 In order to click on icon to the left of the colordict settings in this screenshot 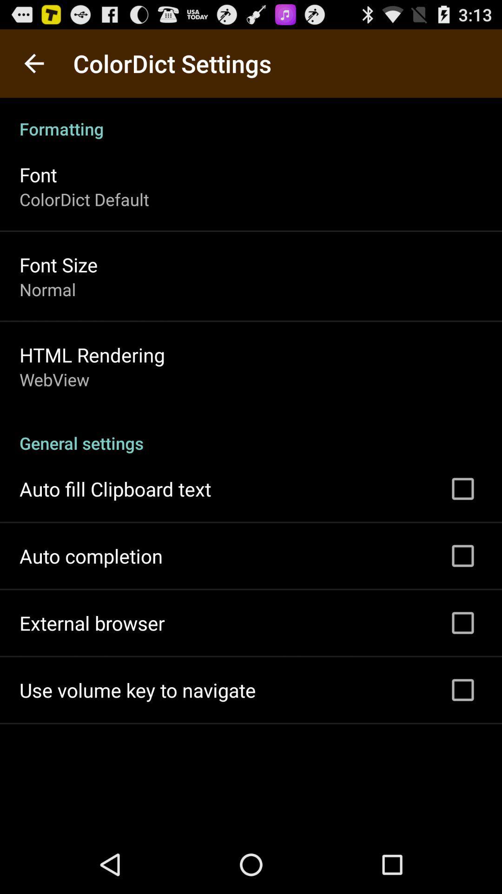, I will do `click(33, 63)`.